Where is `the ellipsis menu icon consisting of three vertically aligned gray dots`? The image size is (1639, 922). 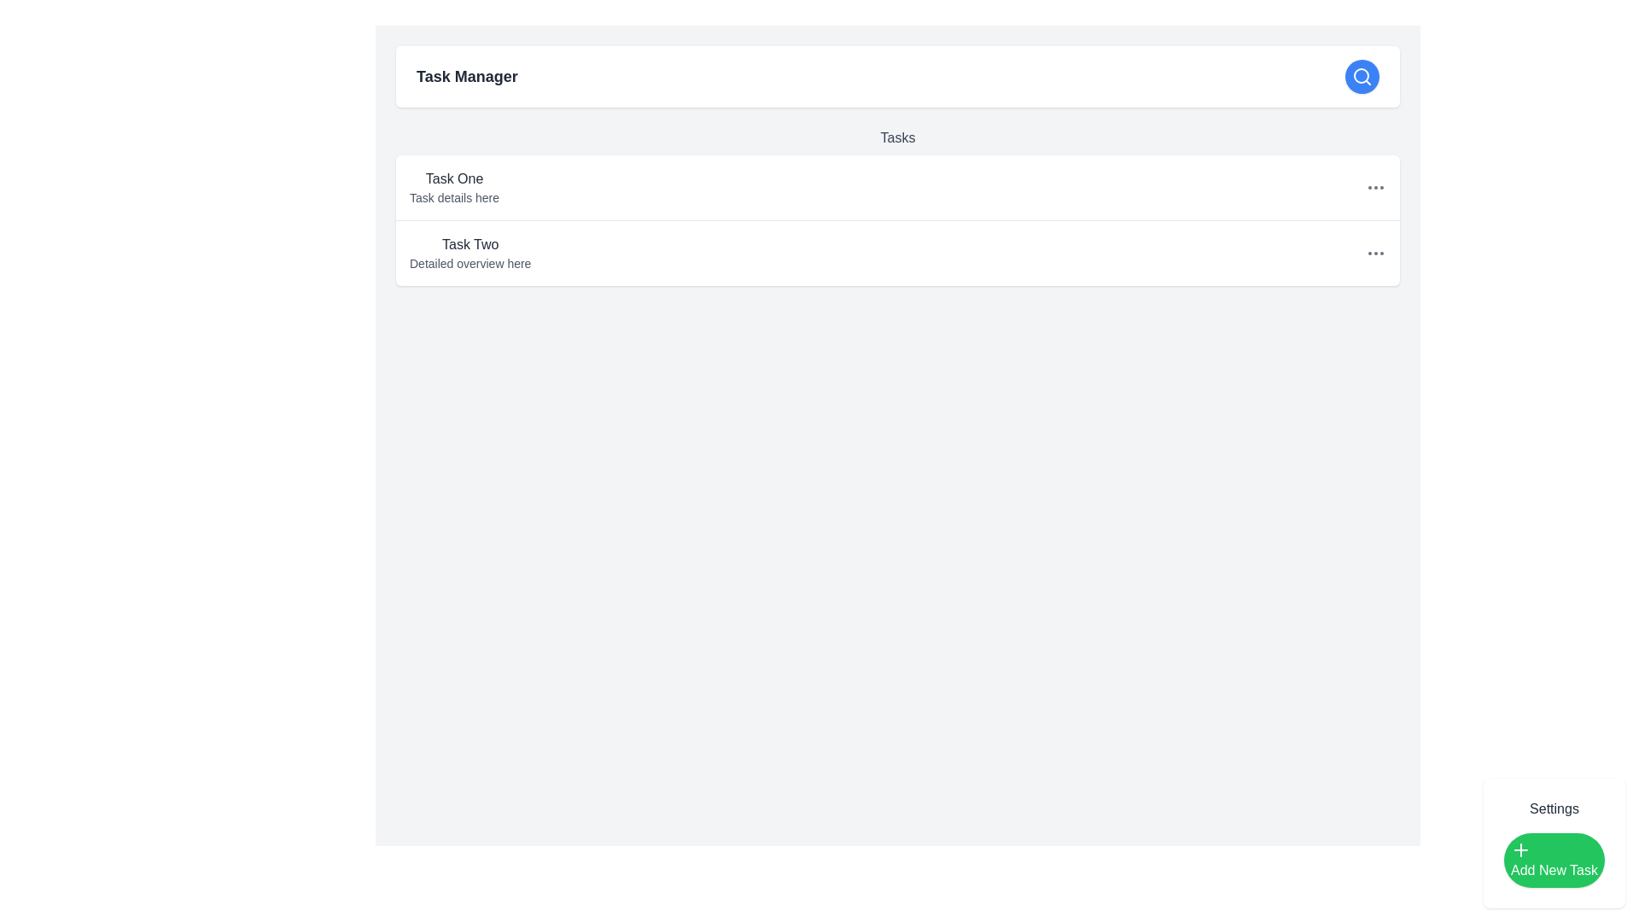 the ellipsis menu icon consisting of three vertically aligned gray dots is located at coordinates (1376, 254).